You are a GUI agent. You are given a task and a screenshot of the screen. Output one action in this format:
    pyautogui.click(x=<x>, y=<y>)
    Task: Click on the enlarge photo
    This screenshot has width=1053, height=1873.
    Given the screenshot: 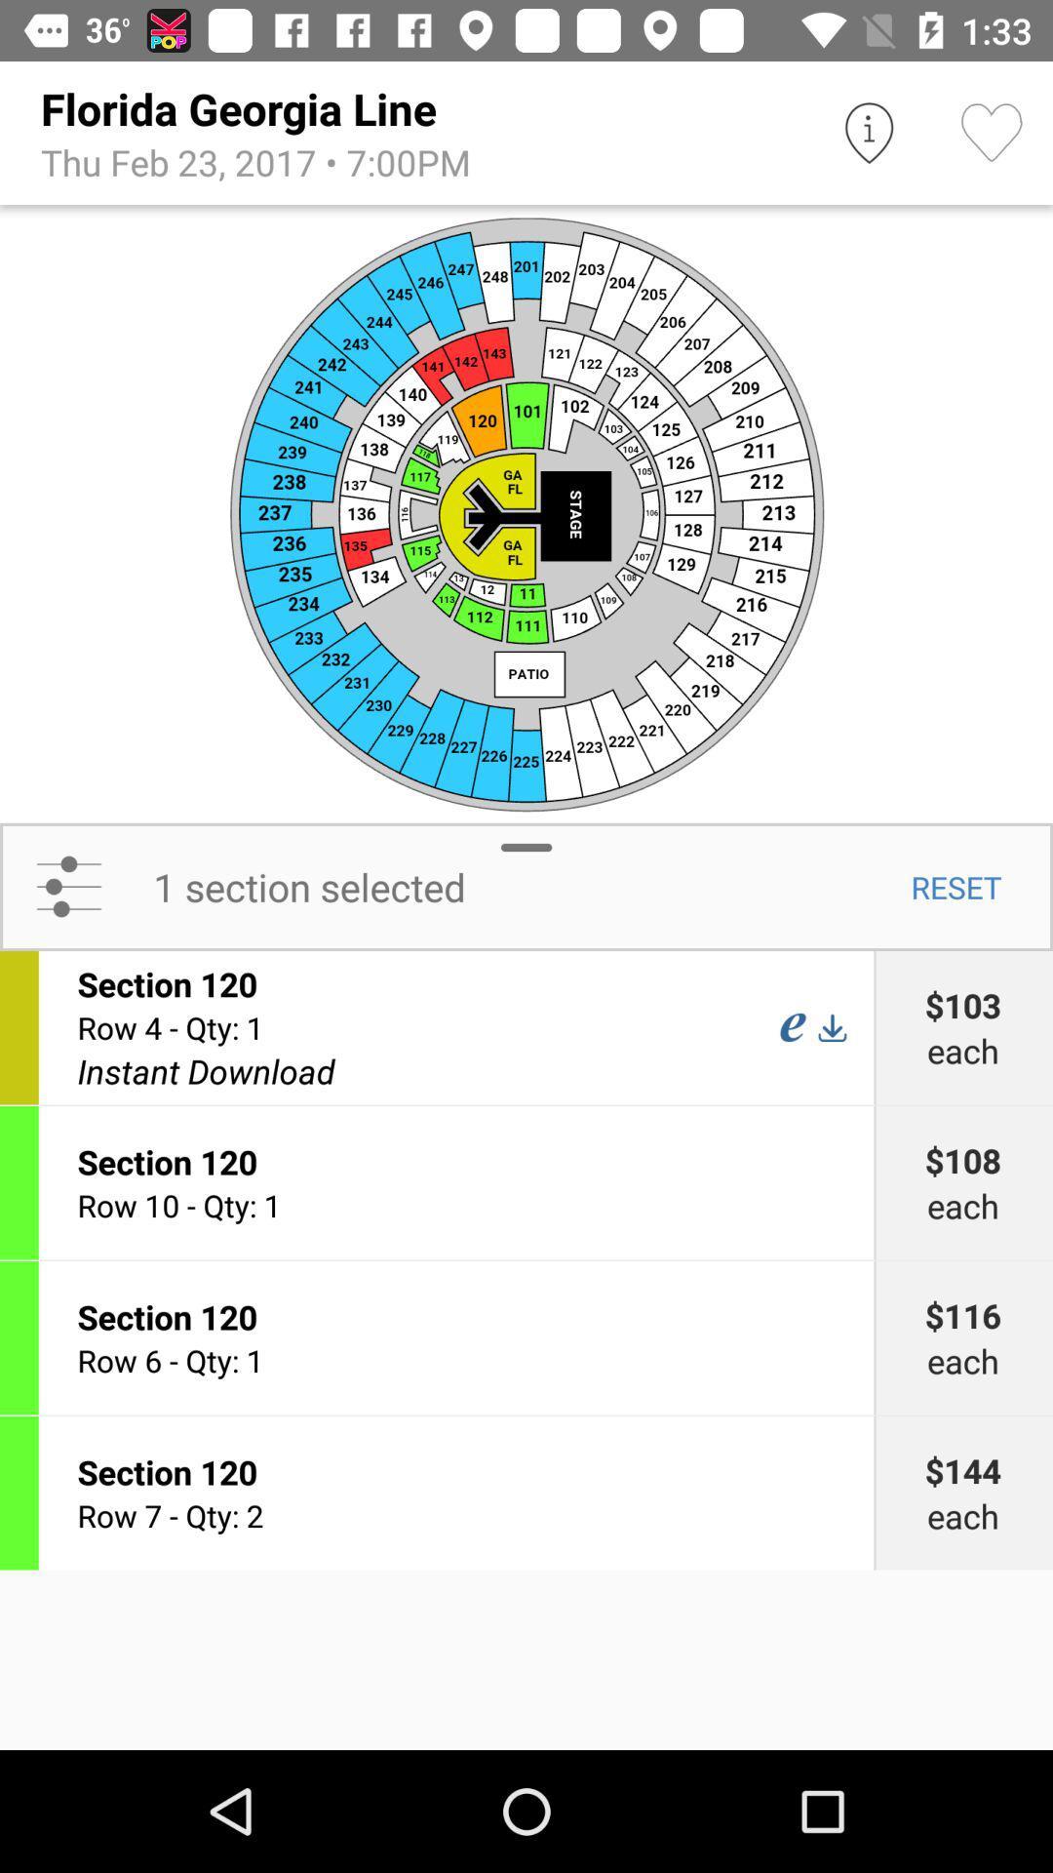 What is the action you would take?
    pyautogui.click(x=526, y=513)
    